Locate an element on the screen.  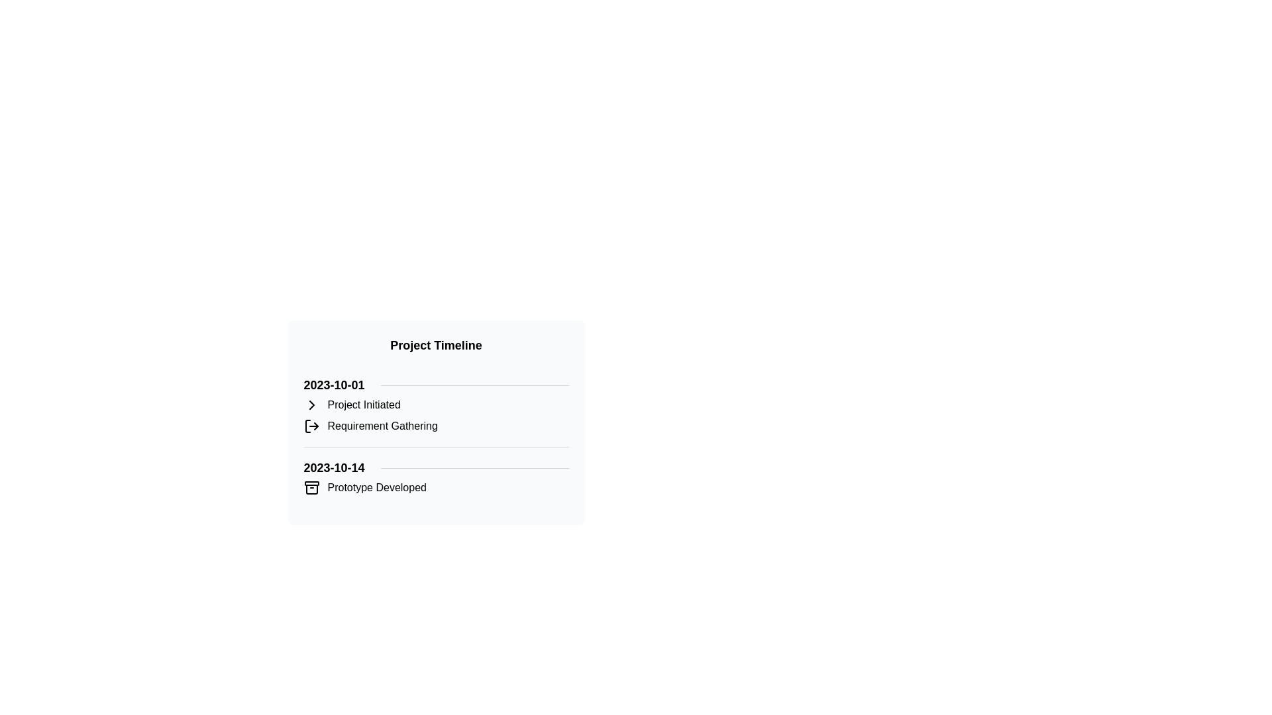
the decorative visual component resembling a lid on the archive box icon located within the timeline entry dated '2023-10-14' is located at coordinates (311, 483).